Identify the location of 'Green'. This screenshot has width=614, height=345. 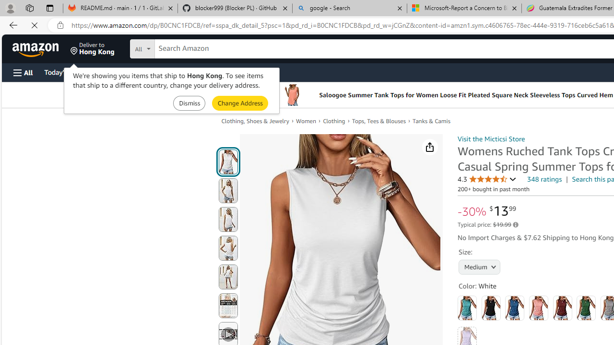
(586, 308).